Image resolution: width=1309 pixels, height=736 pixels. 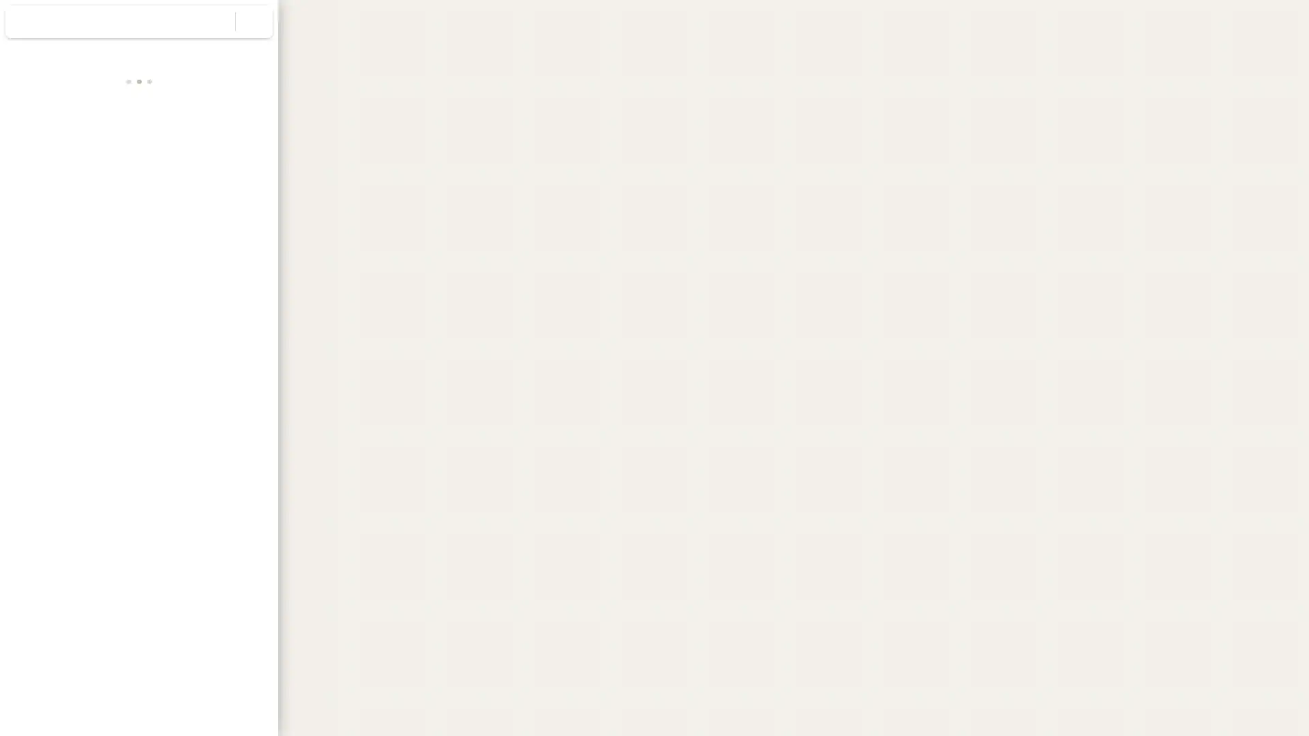 What do you see at coordinates (187, 265) in the screenshot?
I see `Send Toronto to your phone` at bounding box center [187, 265].